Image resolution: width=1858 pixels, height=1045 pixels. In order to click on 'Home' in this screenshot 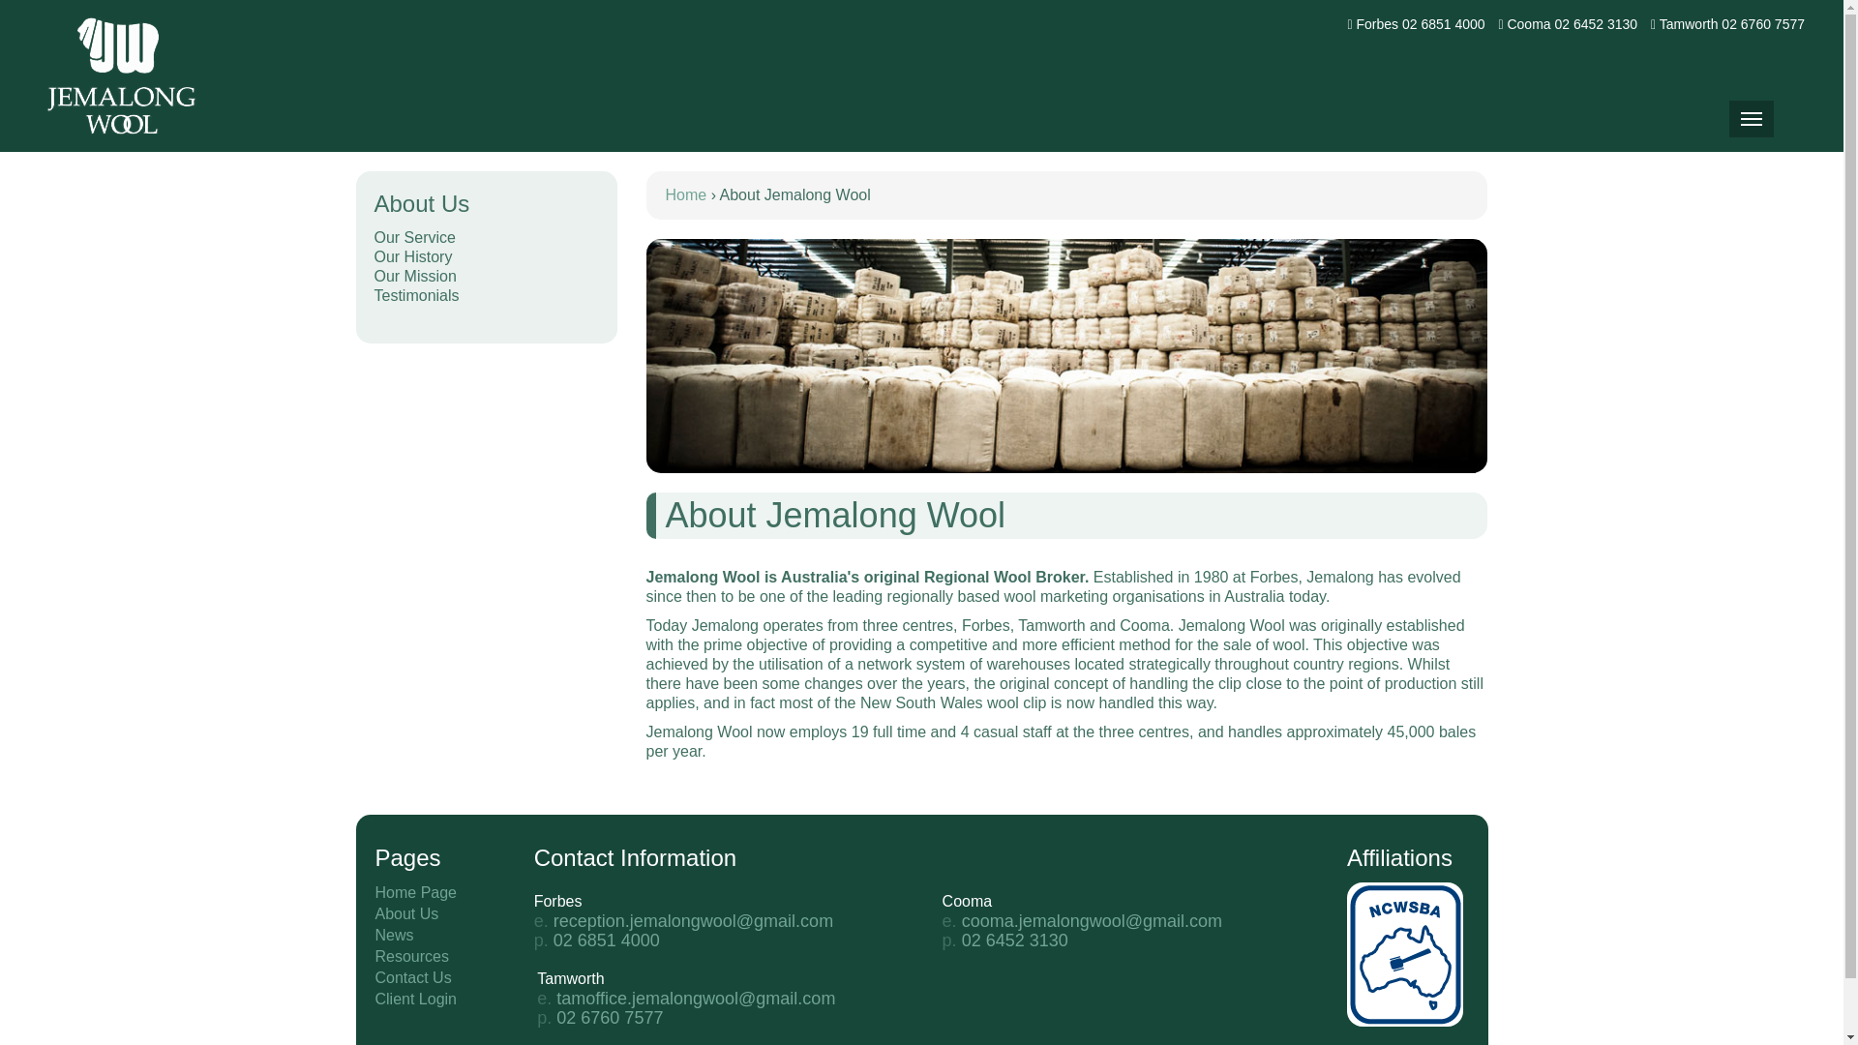, I will do `click(686, 194)`.